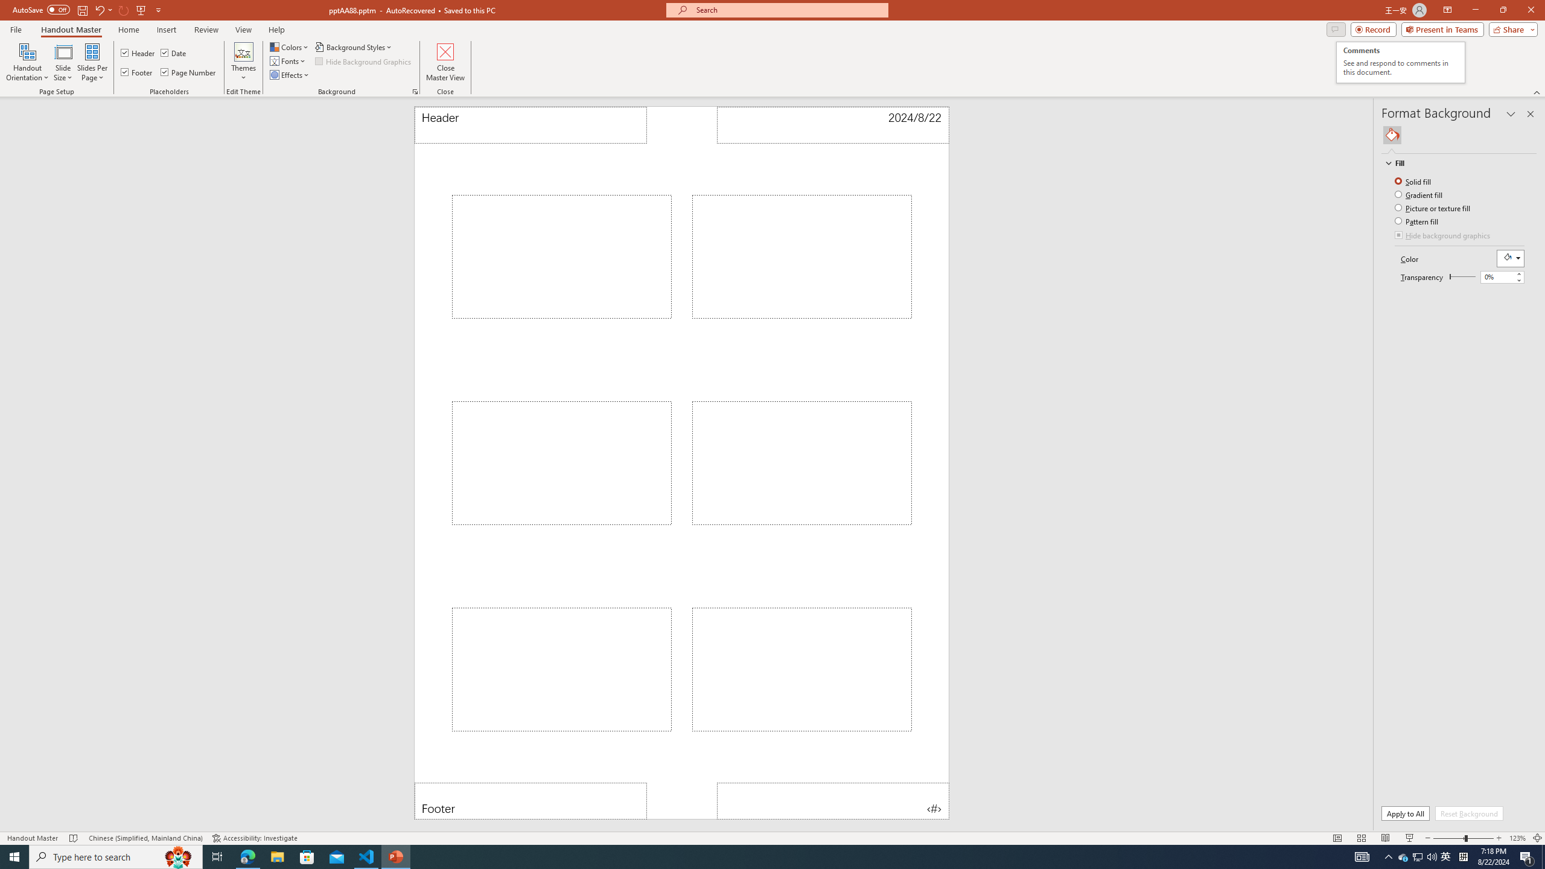  I want to click on 'Handout Orientation', so click(27, 62).